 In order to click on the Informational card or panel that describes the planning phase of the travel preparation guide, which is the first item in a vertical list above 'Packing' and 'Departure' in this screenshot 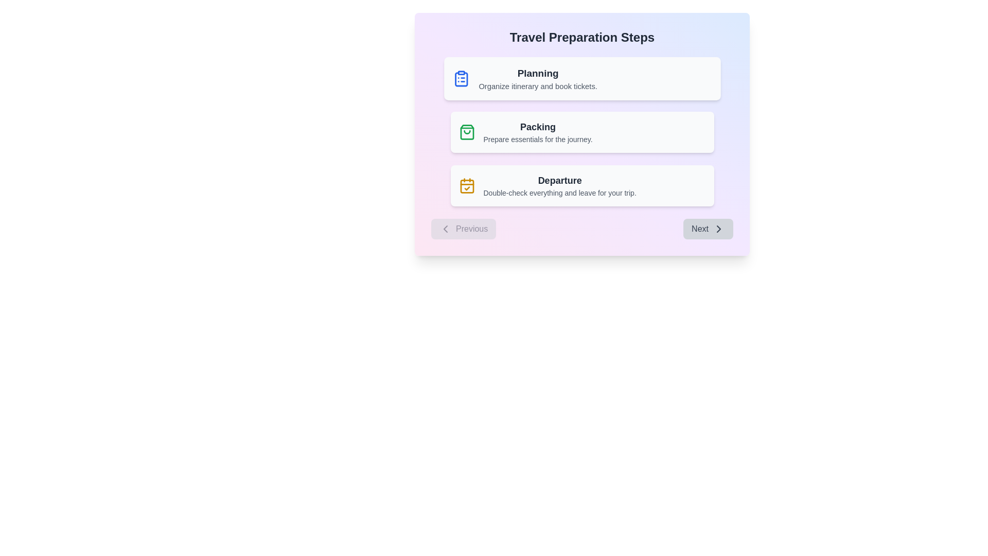, I will do `click(582, 78)`.